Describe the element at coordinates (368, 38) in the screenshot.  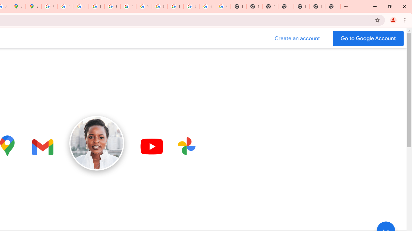
I see `'Go to your Google Account'` at that location.